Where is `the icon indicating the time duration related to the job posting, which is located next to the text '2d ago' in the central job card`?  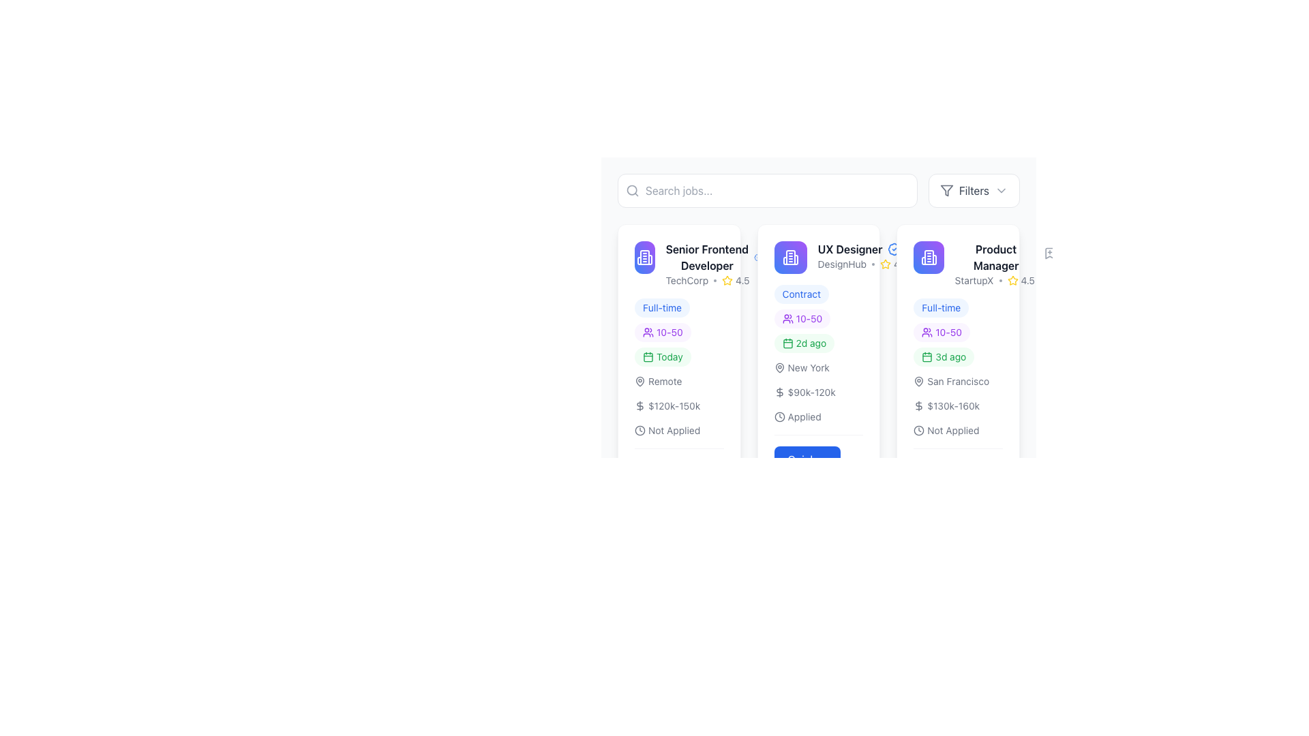 the icon indicating the time duration related to the job posting, which is located next to the text '2d ago' in the central job card is located at coordinates (787, 343).